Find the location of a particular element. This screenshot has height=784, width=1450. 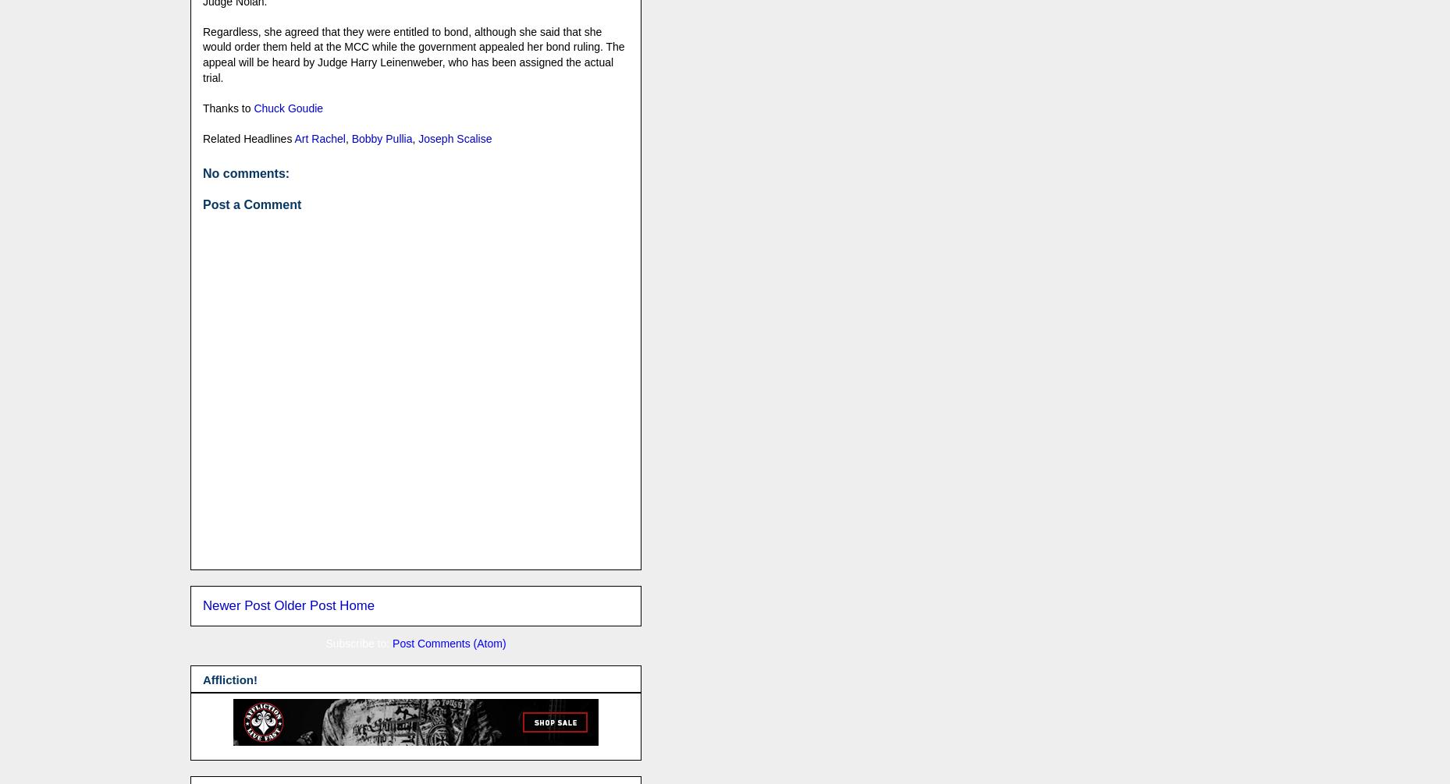

', although she said that she would order them held at the MCC while the government appealed her' is located at coordinates (402, 39).